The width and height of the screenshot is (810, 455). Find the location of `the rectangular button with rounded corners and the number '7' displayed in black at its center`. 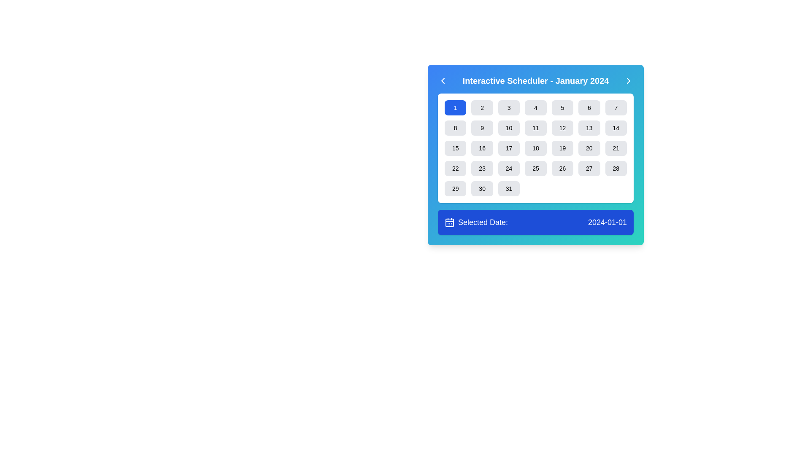

the rectangular button with rounded corners and the number '7' displayed in black at its center is located at coordinates (616, 107).